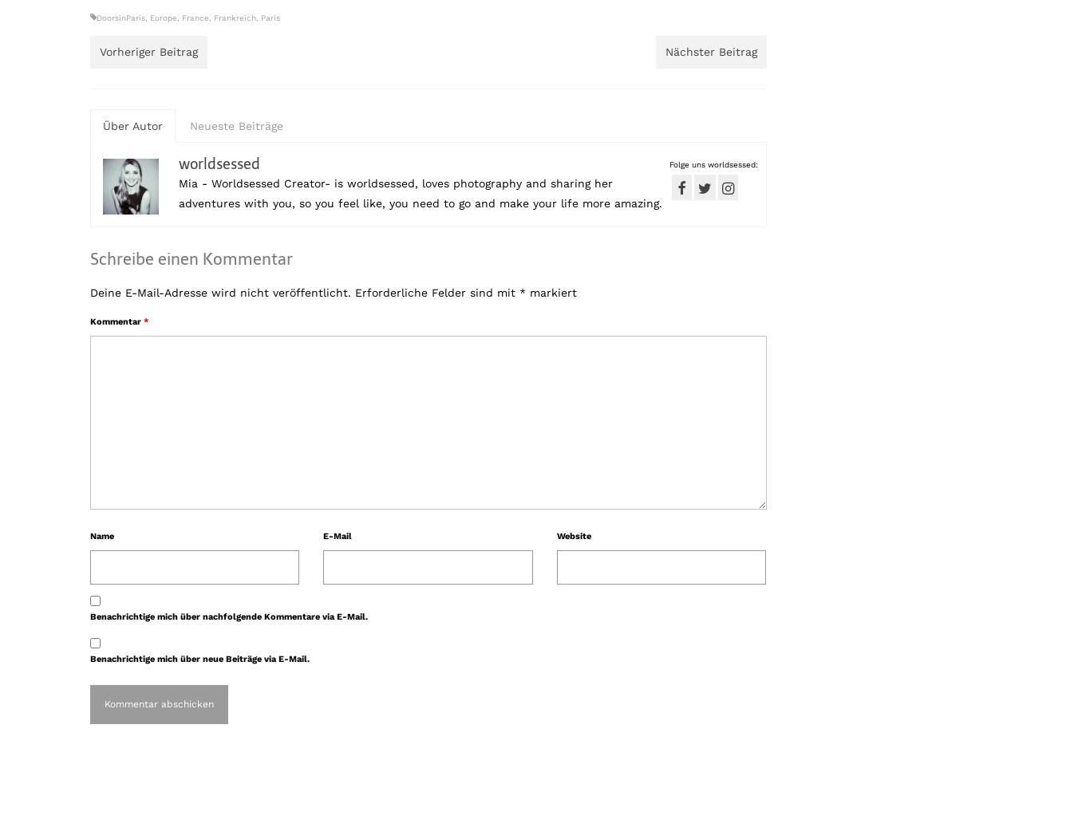 This screenshot has width=1090, height=831. I want to click on 'Schreibe einen Kommentar', so click(89, 258).